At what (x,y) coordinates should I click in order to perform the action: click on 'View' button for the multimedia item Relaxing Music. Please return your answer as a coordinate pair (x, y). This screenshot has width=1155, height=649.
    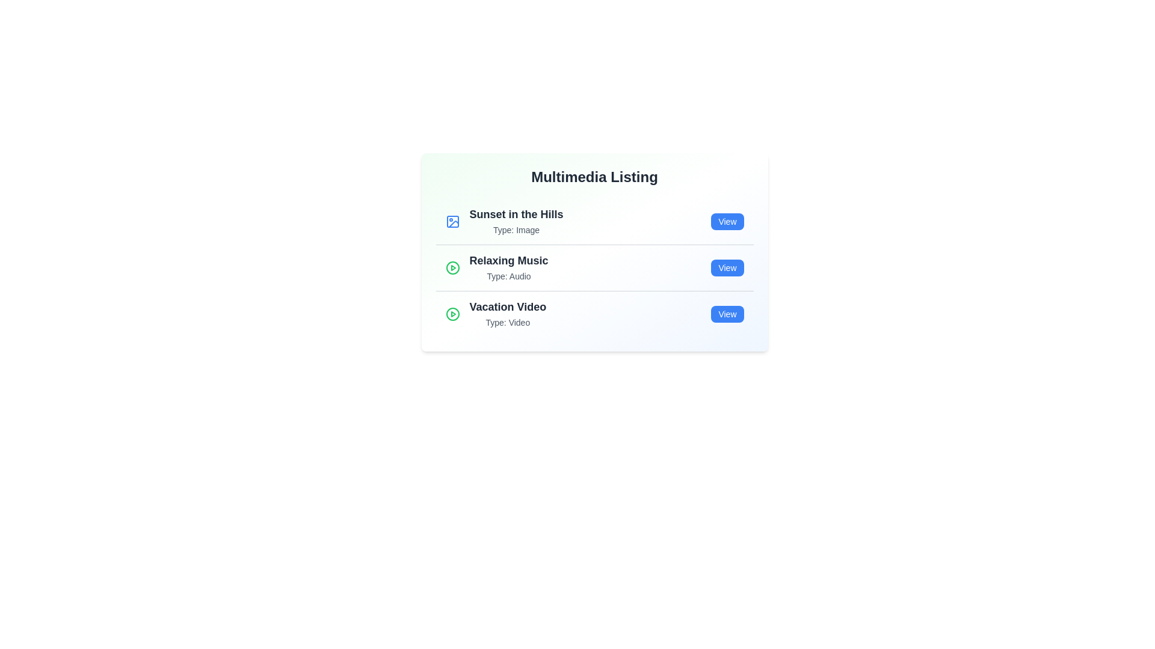
    Looking at the image, I should click on (727, 267).